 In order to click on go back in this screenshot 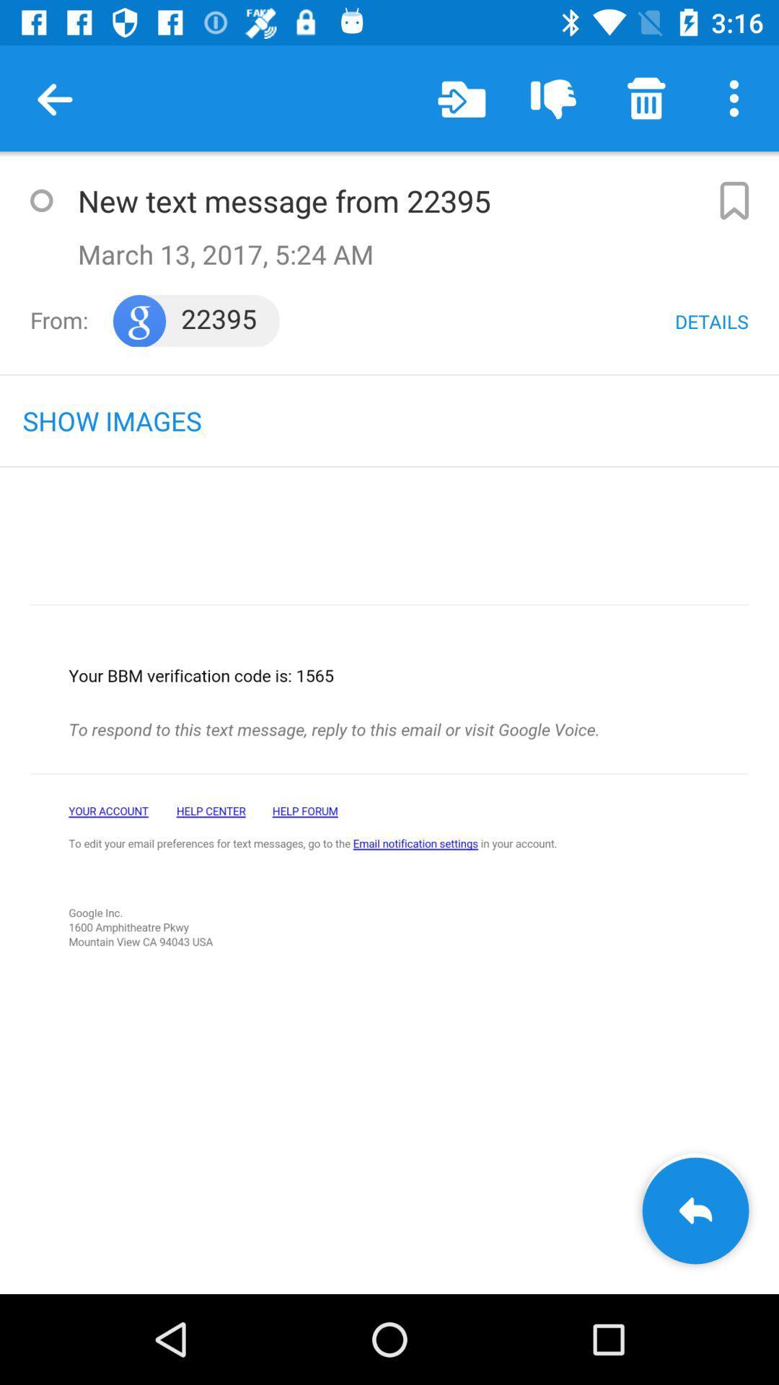, I will do `click(695, 1210)`.